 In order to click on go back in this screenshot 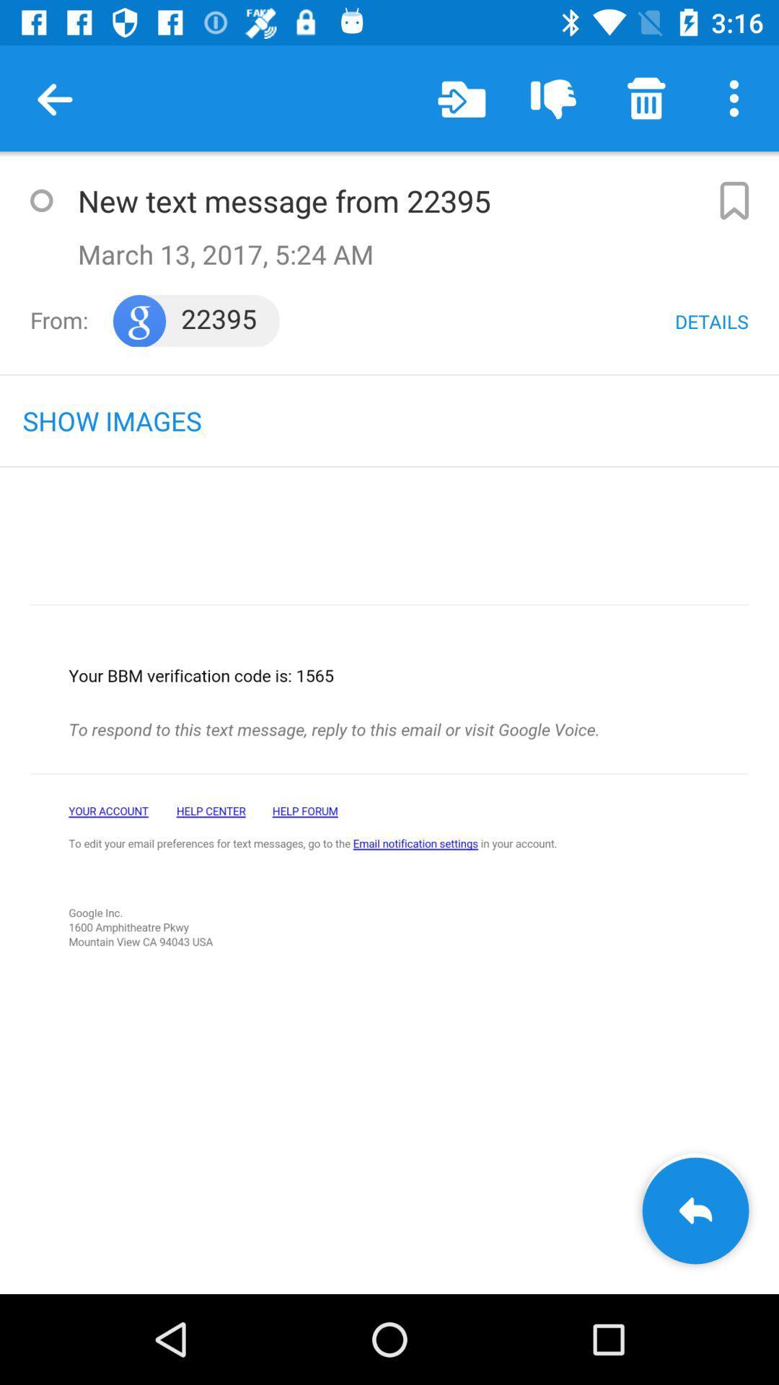, I will do `click(695, 1210)`.